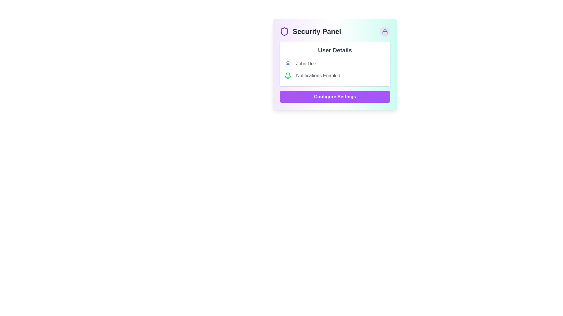  I want to click on the static text label displaying the user's name, located in the user details section of the security panel, to the right of the user icon and above the notification settings row, so click(306, 64).